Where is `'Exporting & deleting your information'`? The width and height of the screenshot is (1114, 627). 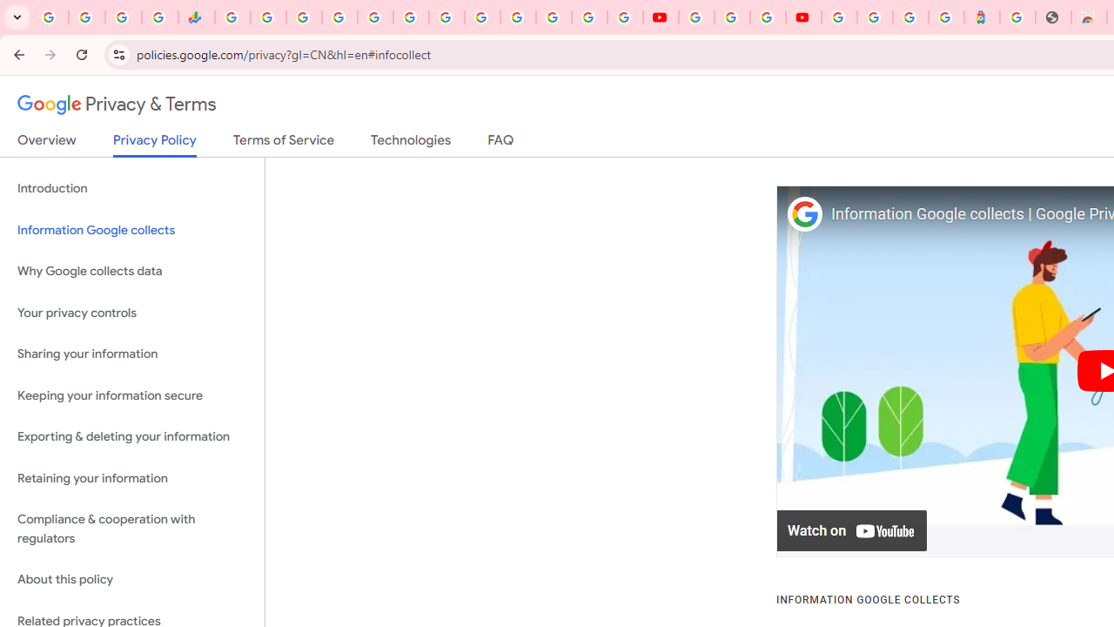 'Exporting & deleting your information' is located at coordinates (131, 436).